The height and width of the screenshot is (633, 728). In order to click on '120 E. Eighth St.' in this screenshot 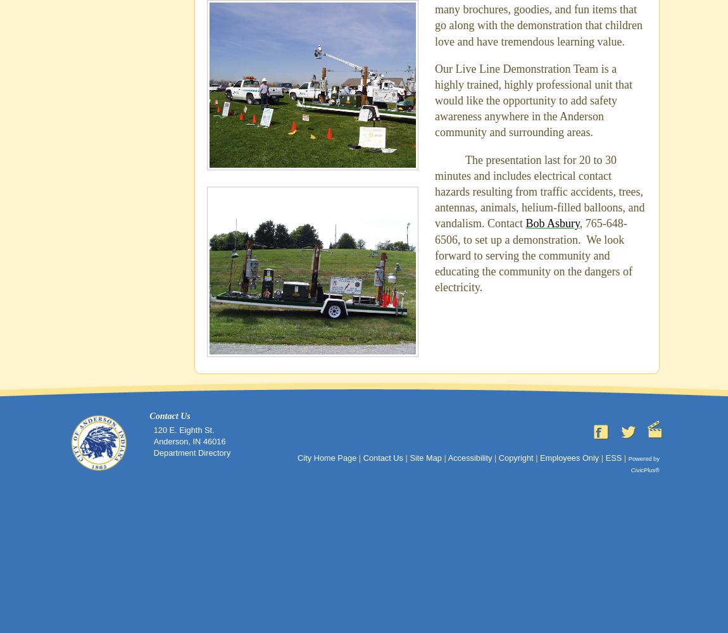, I will do `click(184, 430)`.